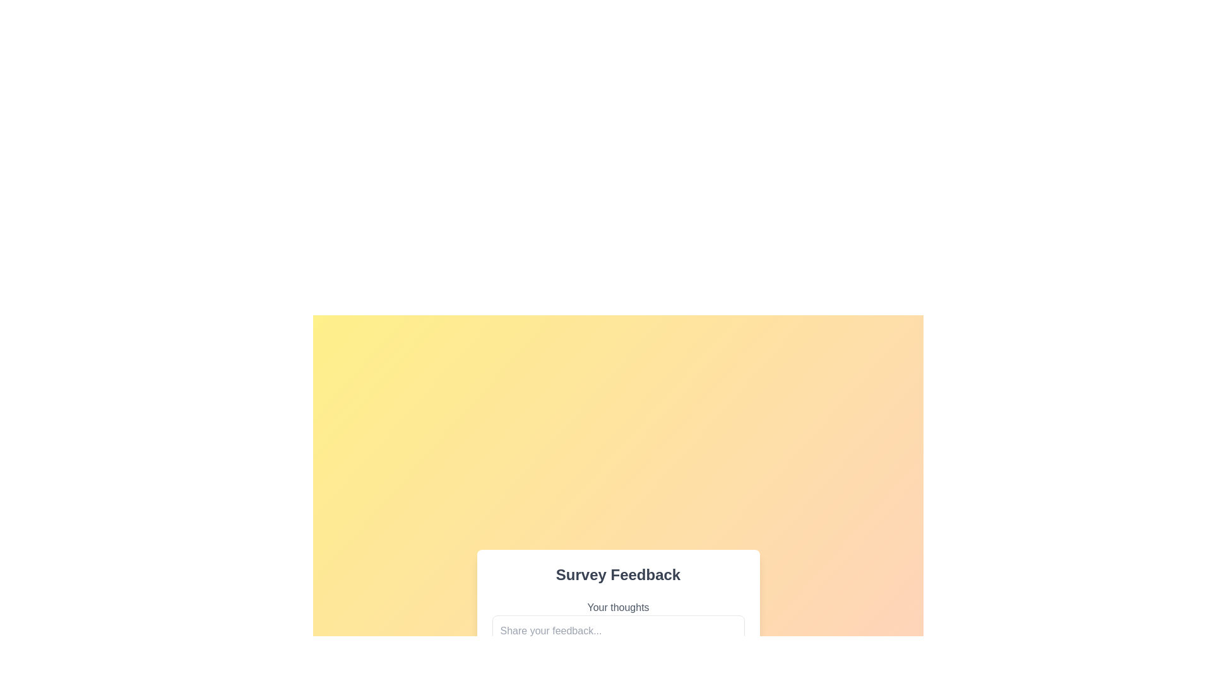  I want to click on the gray text label displaying 'Your thoughts', which is positioned above the feedback text input field in the 'Survey Feedback' form, so click(618, 607).